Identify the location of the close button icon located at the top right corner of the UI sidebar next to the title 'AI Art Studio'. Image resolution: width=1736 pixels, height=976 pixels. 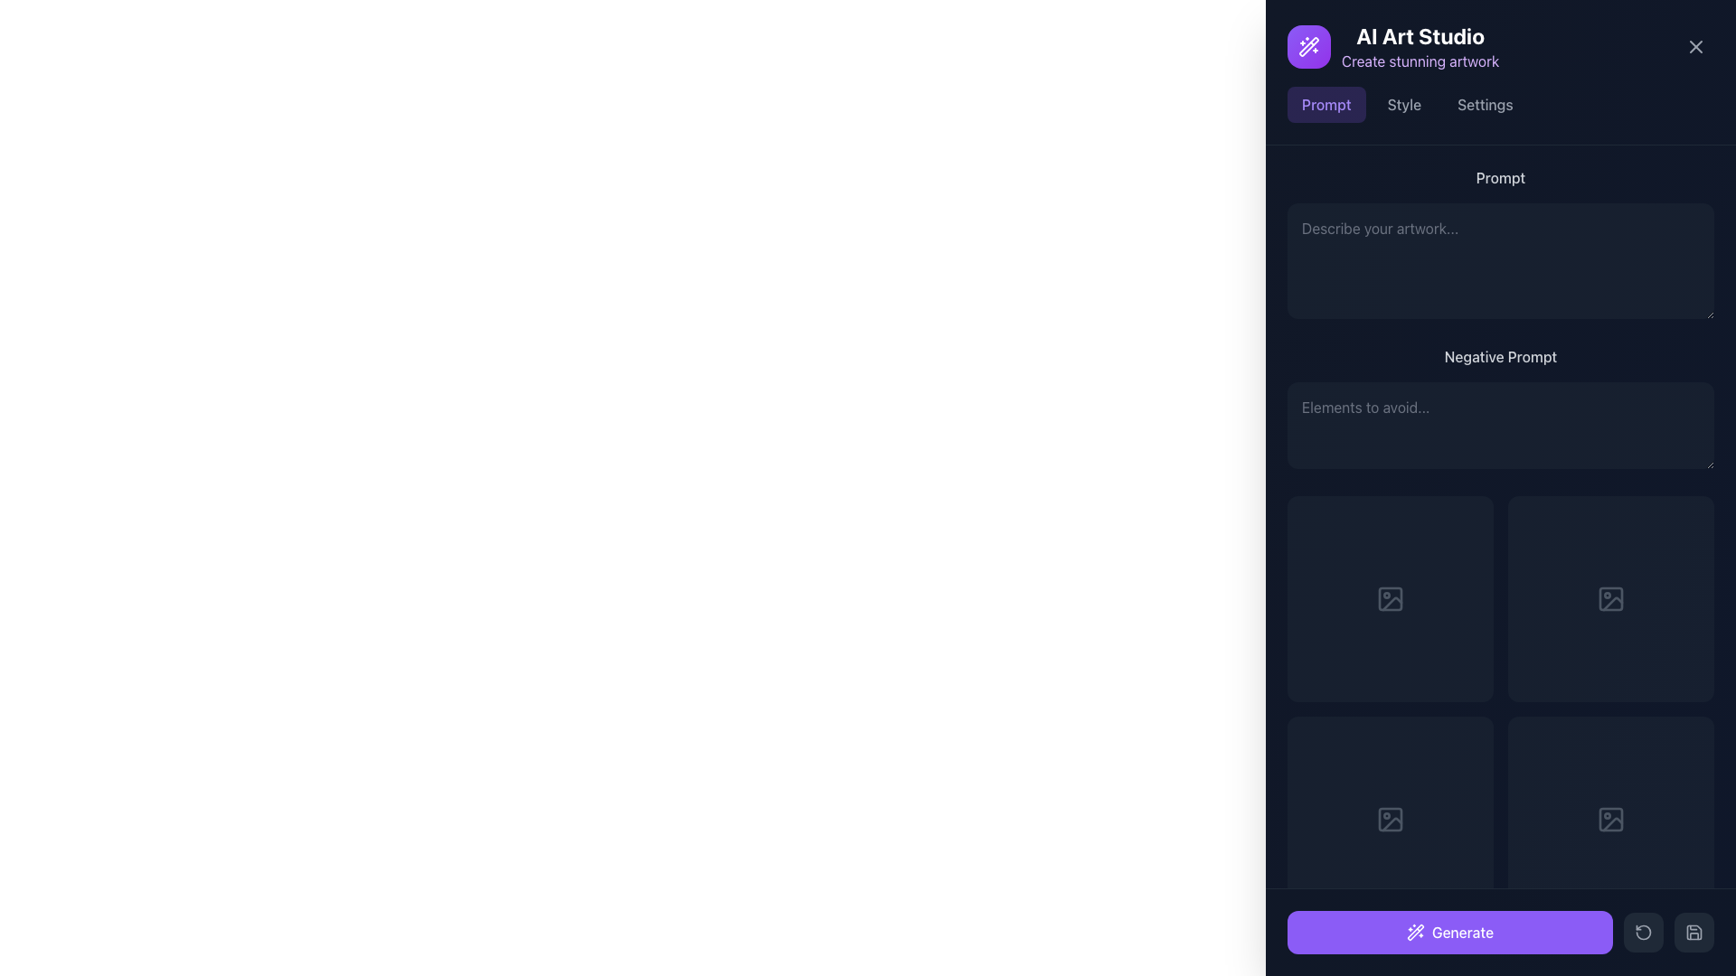
(1695, 45).